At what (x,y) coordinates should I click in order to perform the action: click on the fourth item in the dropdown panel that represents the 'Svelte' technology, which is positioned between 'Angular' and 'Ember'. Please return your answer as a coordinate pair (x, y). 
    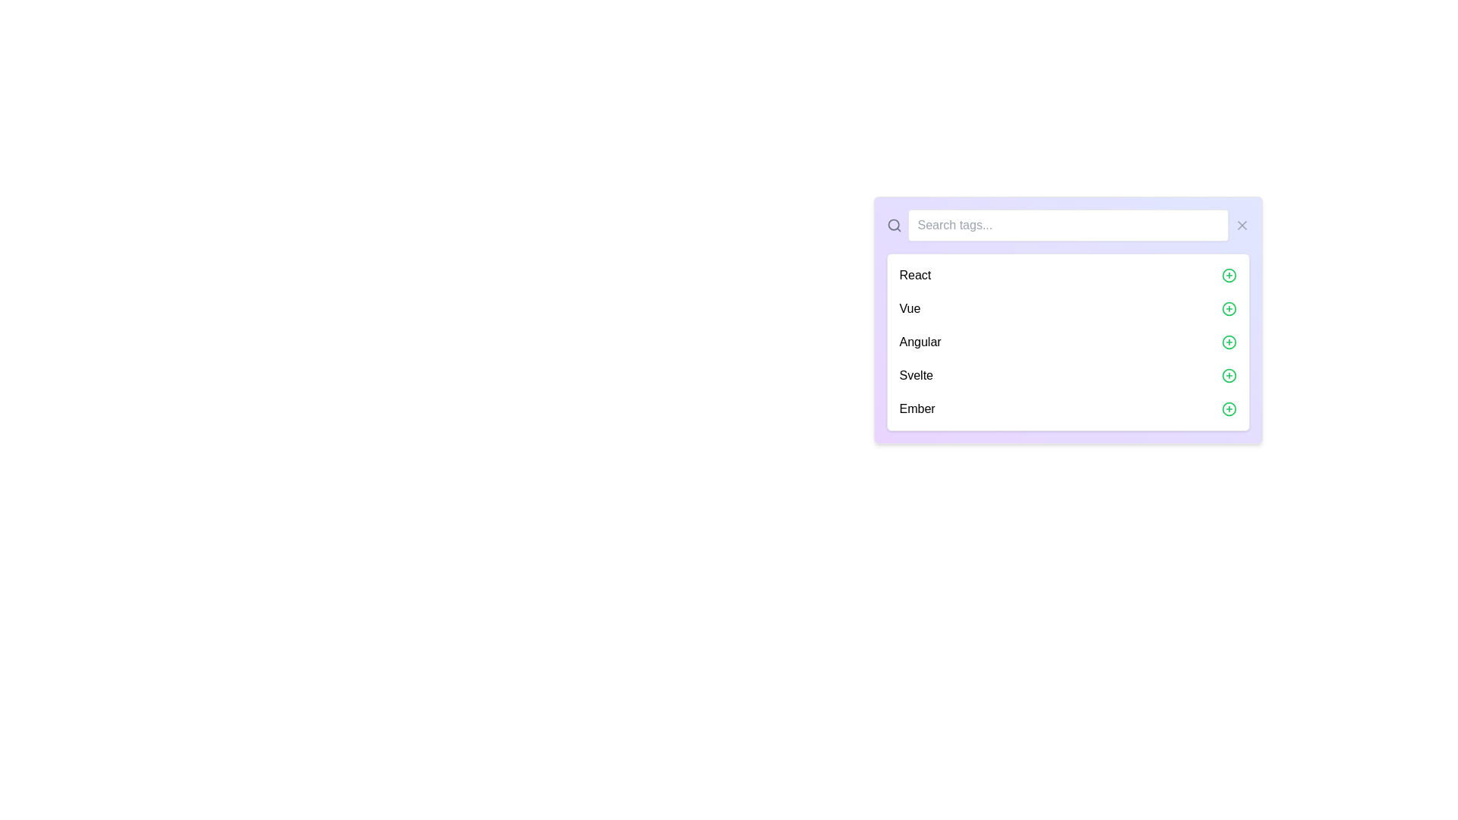
    Looking at the image, I should click on (1067, 375).